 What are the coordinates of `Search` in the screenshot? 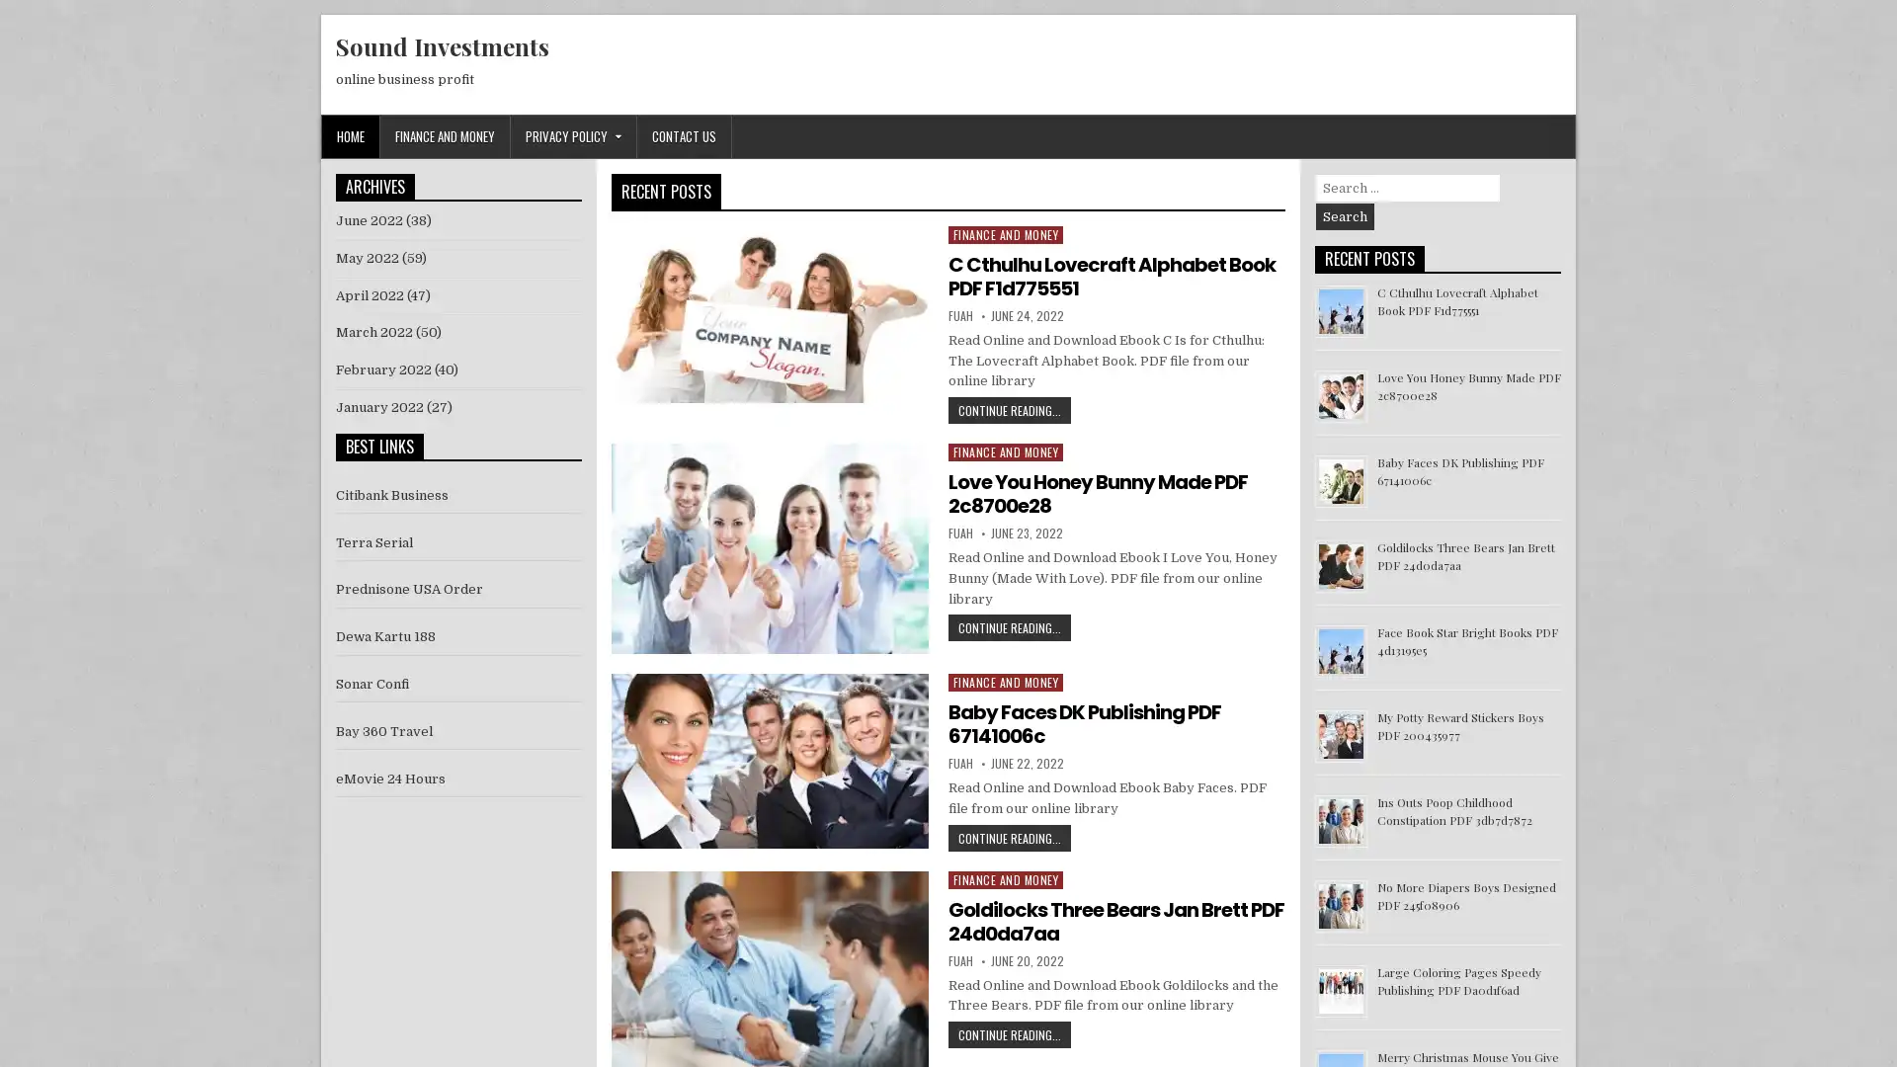 It's located at (1344, 216).